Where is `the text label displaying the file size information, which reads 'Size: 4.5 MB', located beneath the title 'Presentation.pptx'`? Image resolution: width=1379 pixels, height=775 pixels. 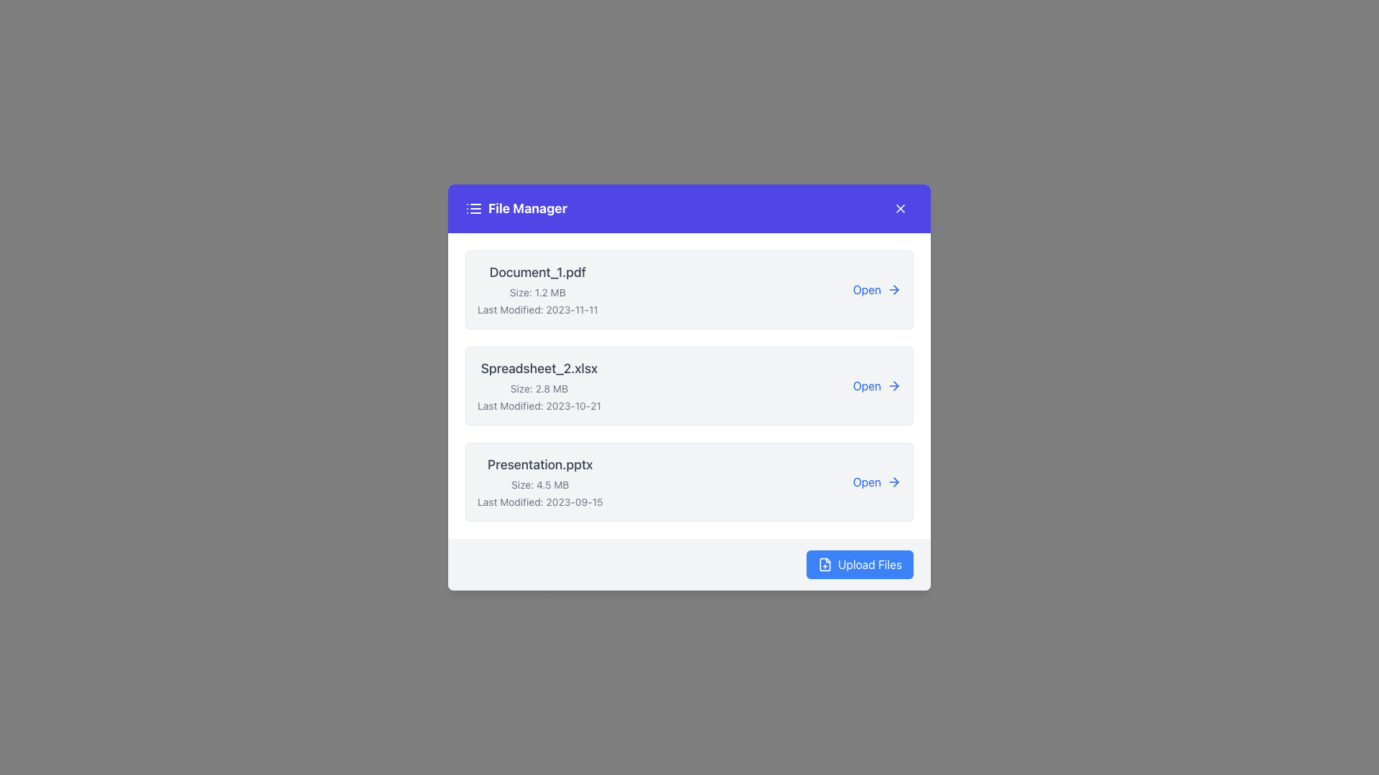 the text label displaying the file size information, which reads 'Size: 4.5 MB', located beneath the title 'Presentation.pptx' is located at coordinates (539, 484).